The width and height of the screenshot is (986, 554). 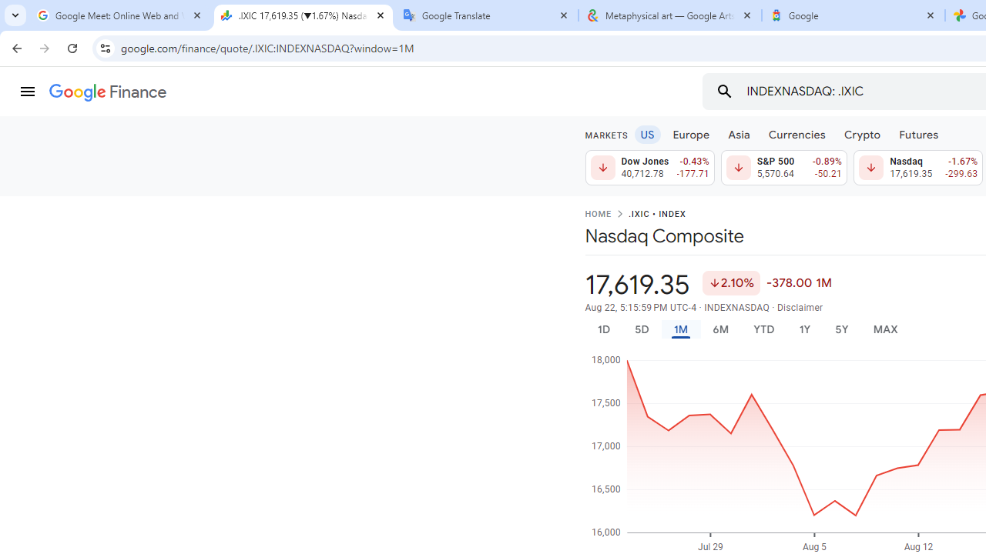 I want to click on 'Disclaimer', so click(x=800, y=307).